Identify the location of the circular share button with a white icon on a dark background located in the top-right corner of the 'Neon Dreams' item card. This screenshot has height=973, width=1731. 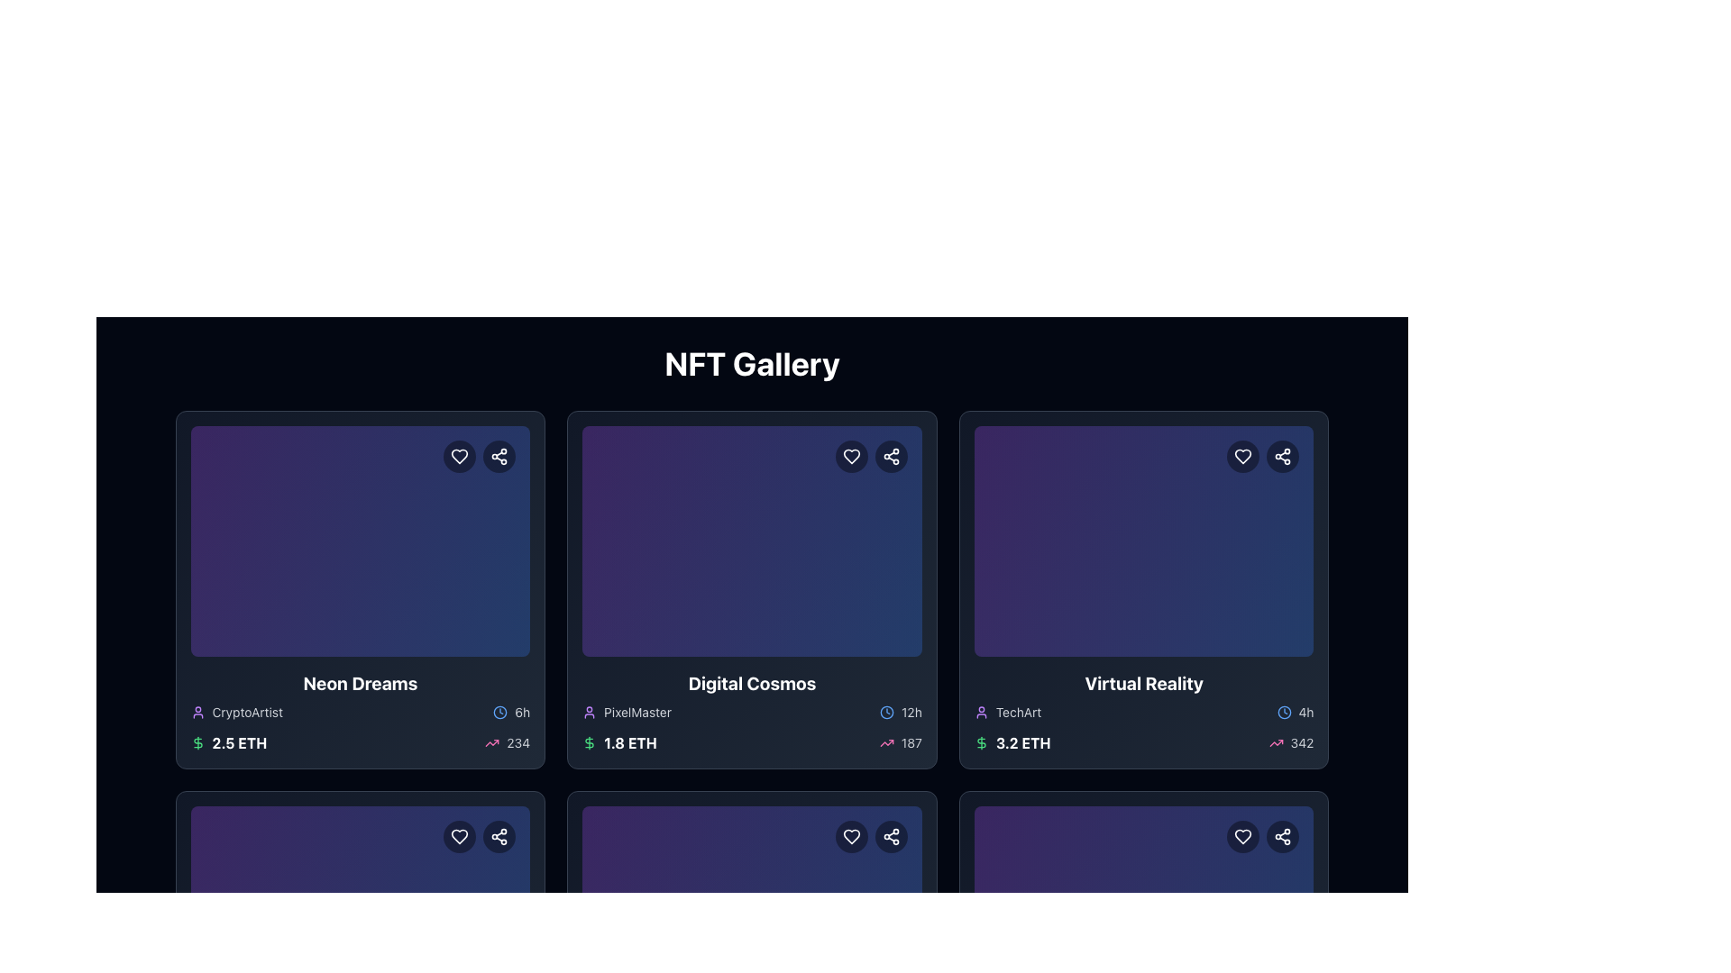
(499, 455).